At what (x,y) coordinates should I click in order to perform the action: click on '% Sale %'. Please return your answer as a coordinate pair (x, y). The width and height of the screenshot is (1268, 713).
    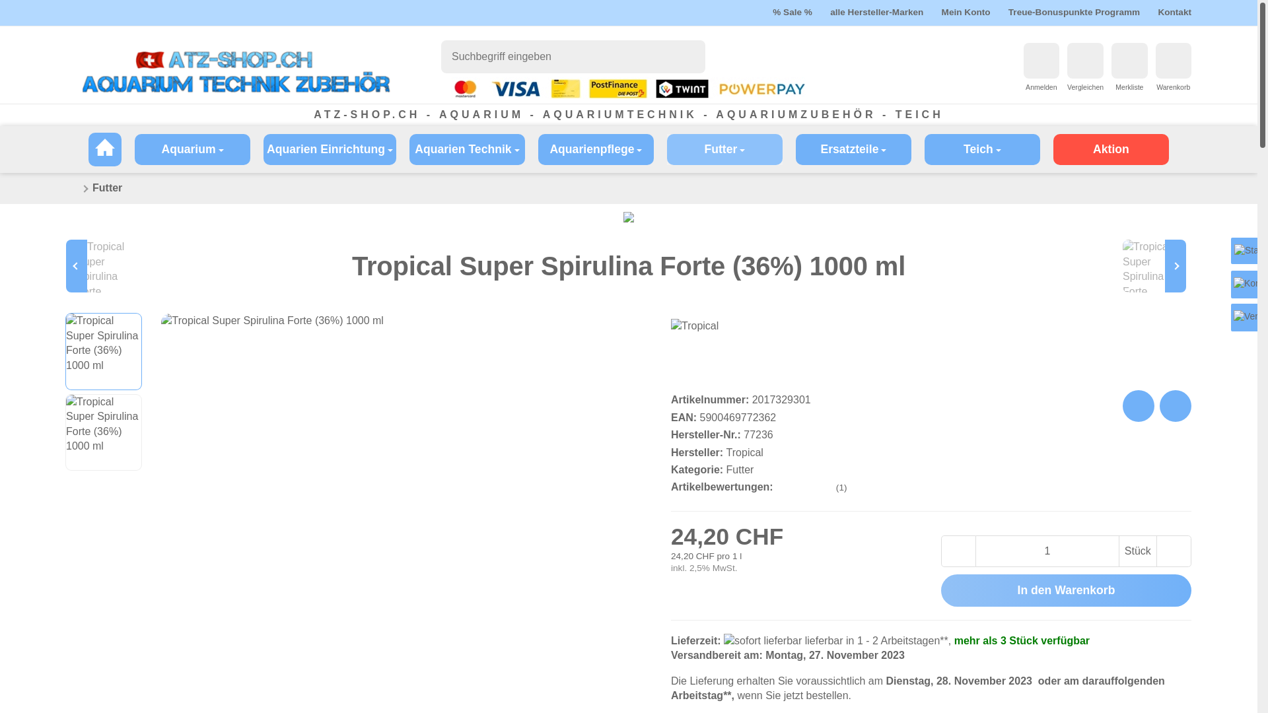
    Looking at the image, I should click on (792, 12).